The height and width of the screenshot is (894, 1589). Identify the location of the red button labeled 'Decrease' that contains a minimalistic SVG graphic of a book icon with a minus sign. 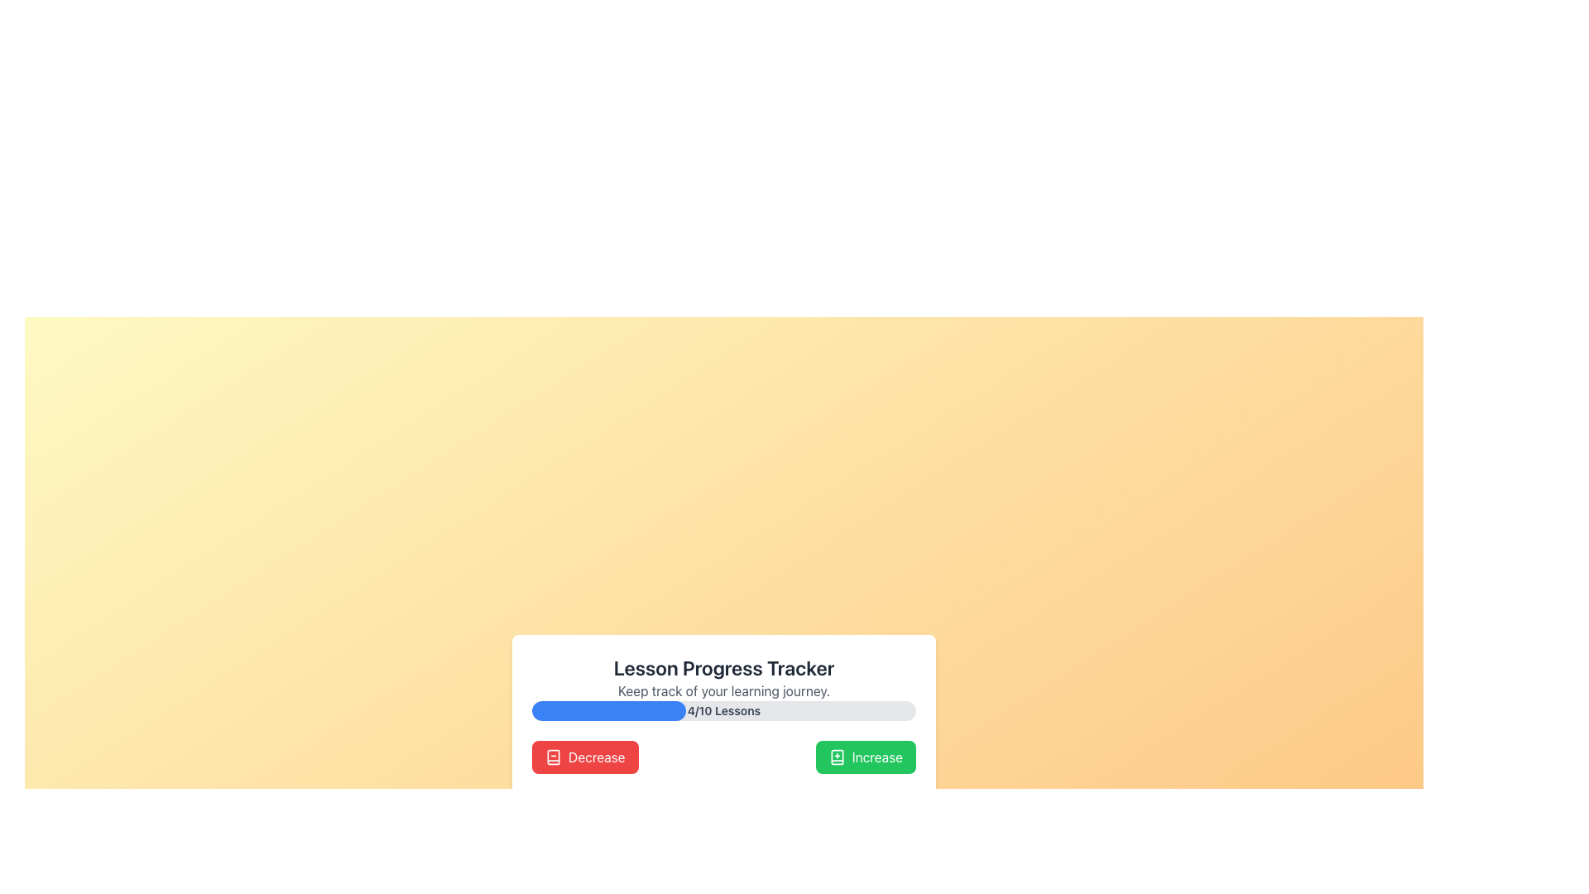
(553, 757).